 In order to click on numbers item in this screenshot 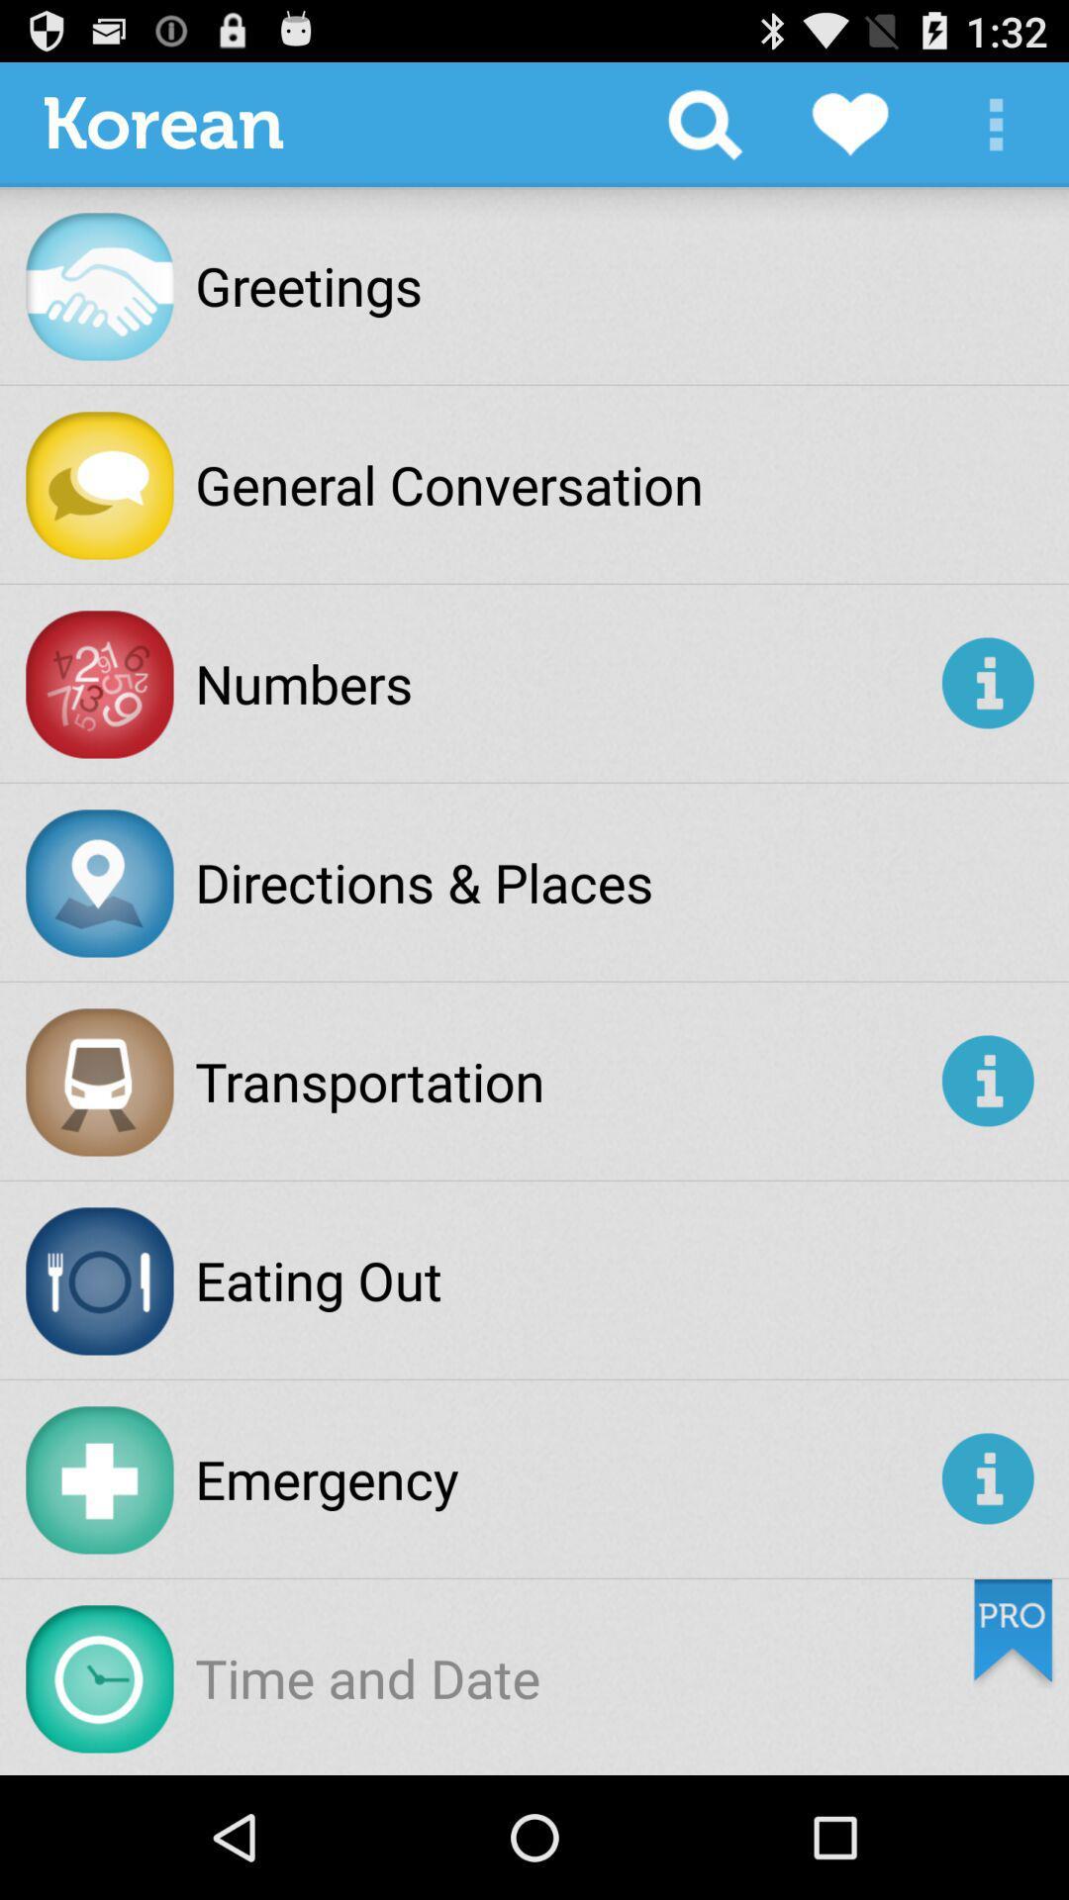, I will do `click(564, 683)`.